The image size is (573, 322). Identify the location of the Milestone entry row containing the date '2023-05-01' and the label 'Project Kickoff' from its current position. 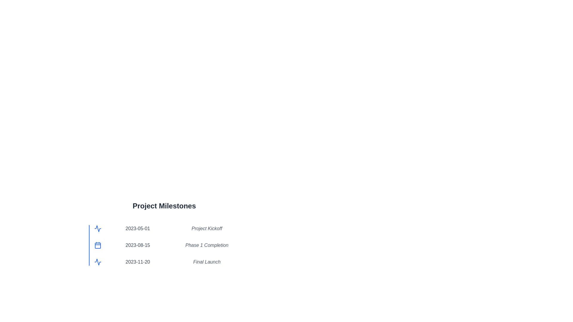
(167, 228).